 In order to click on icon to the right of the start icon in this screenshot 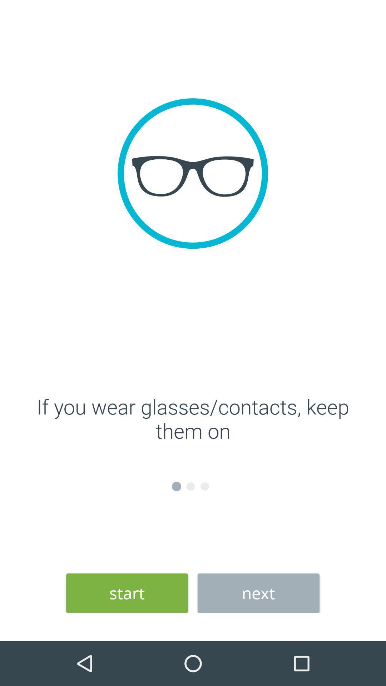, I will do `click(258, 593)`.